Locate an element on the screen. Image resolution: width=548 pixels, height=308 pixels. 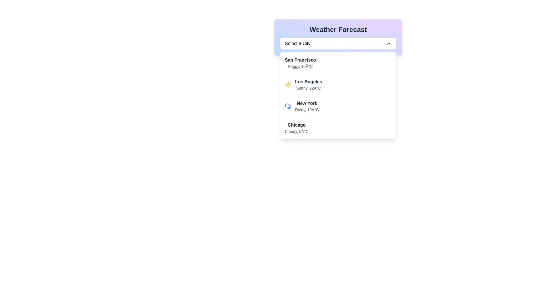
the weather details display for 'Los Angeles' located in the dropdown menu after selecting 'Select a City', which is the second item in the list is located at coordinates (338, 95).